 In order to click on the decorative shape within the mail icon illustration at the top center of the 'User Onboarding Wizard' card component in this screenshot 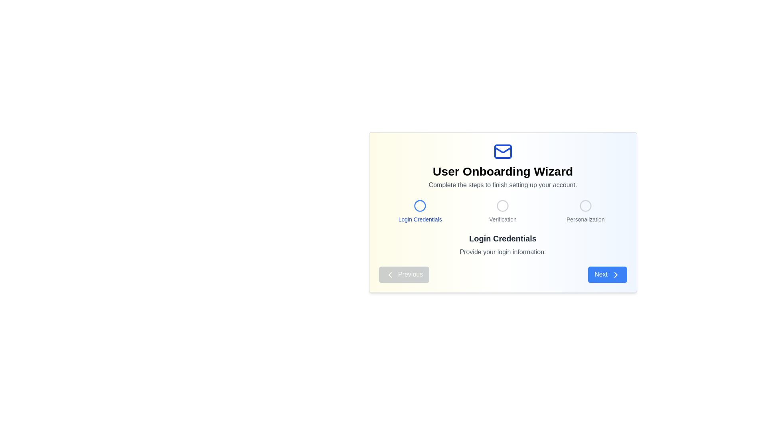, I will do `click(502, 152)`.